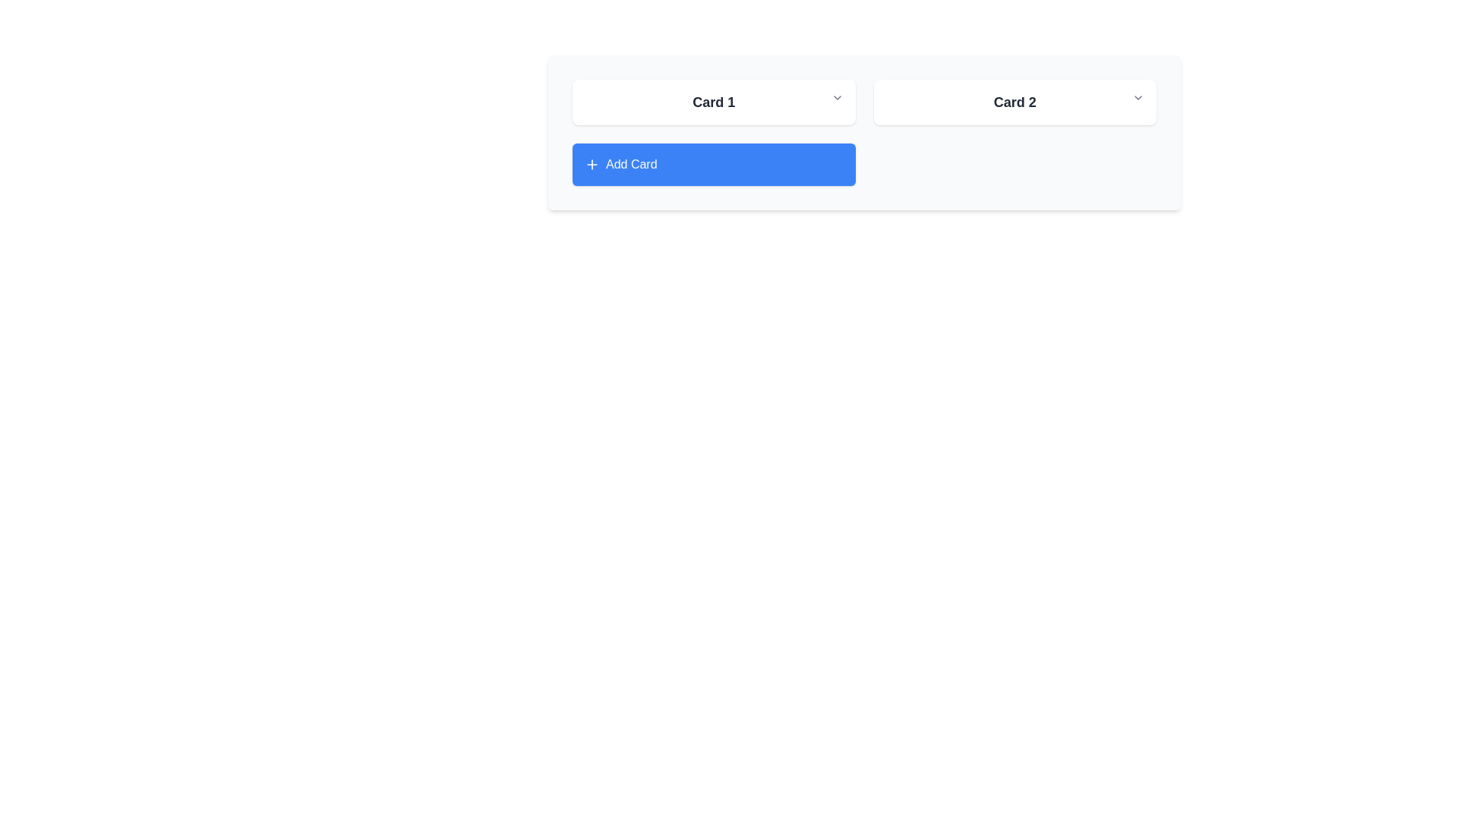 The image size is (1458, 820). Describe the element at coordinates (1015, 102) in the screenshot. I see `the 'Card 2' element, which has a white background, rounded corners, and features the bold text 'Card 2' at the center along with a collapsible arrow icon on the right` at that location.